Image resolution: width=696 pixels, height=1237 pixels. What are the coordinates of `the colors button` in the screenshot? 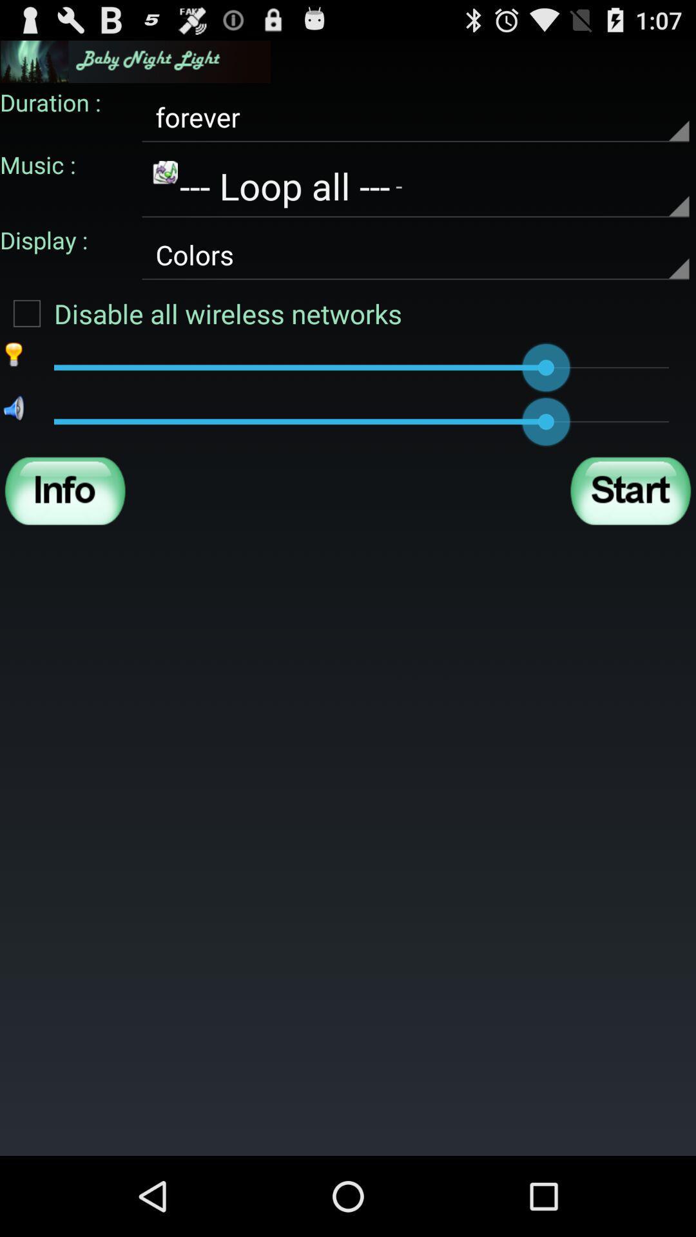 It's located at (415, 255).